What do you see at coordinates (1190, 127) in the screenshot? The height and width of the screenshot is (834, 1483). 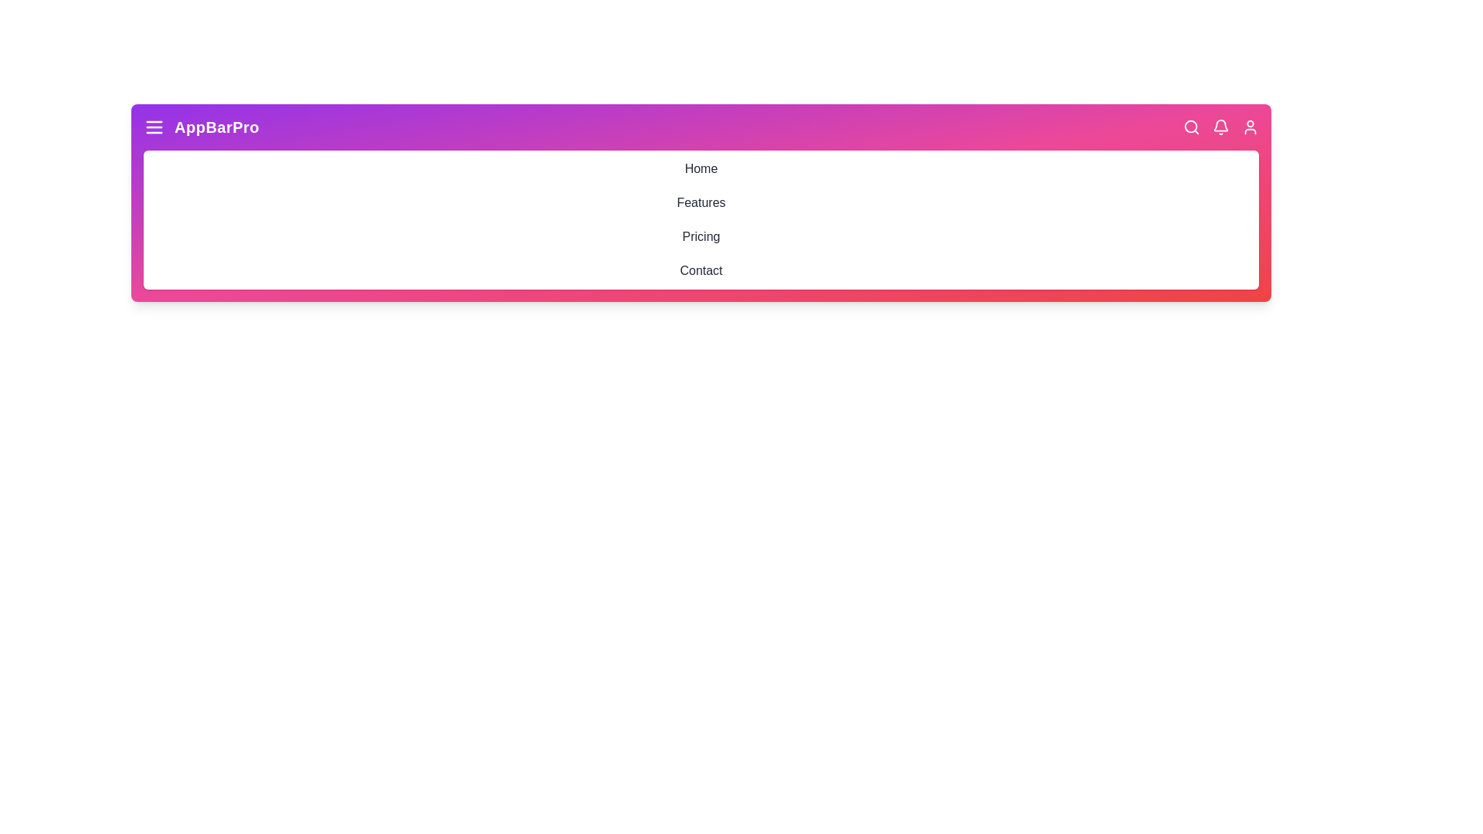 I see `the search icon in the app bar` at bounding box center [1190, 127].